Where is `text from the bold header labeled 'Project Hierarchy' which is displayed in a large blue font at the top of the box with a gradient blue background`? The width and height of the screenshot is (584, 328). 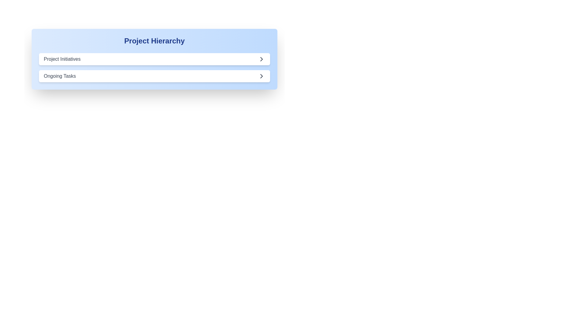 text from the bold header labeled 'Project Hierarchy' which is displayed in a large blue font at the top of the box with a gradient blue background is located at coordinates (155, 41).